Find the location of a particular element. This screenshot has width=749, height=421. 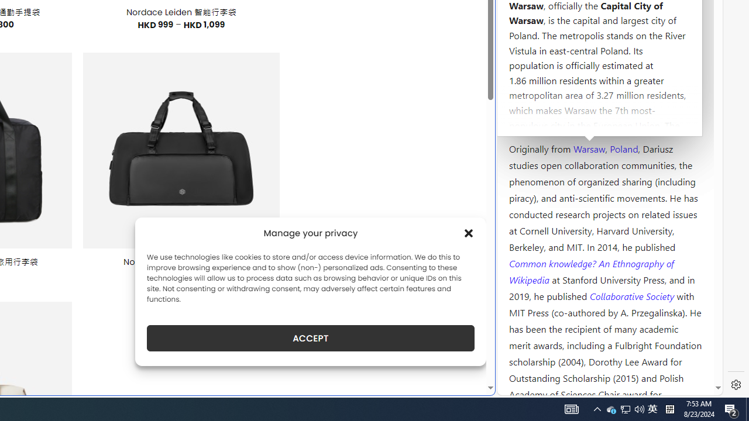

'Class: cmplz-close' is located at coordinates (469, 233).